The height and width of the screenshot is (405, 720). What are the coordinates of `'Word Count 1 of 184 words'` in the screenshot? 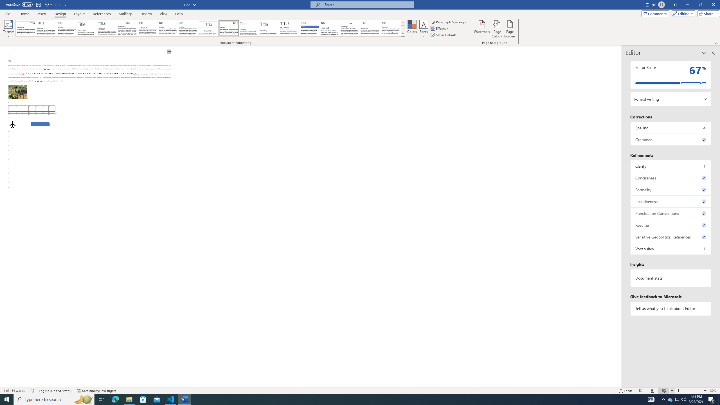 It's located at (14, 391).